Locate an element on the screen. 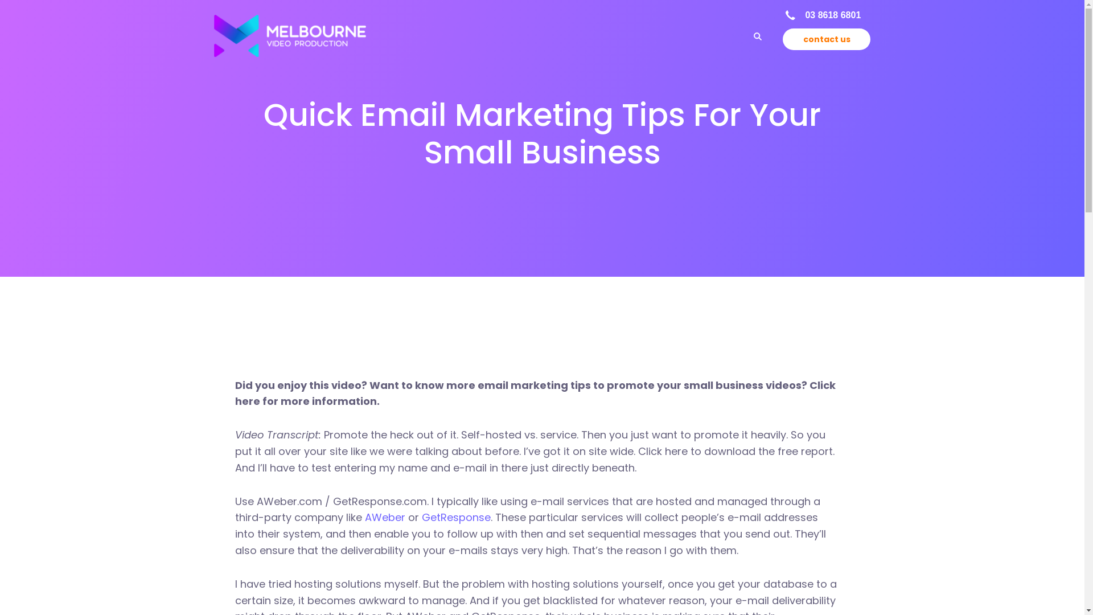 Image resolution: width=1093 pixels, height=615 pixels. 'contact us' is located at coordinates (782, 39).